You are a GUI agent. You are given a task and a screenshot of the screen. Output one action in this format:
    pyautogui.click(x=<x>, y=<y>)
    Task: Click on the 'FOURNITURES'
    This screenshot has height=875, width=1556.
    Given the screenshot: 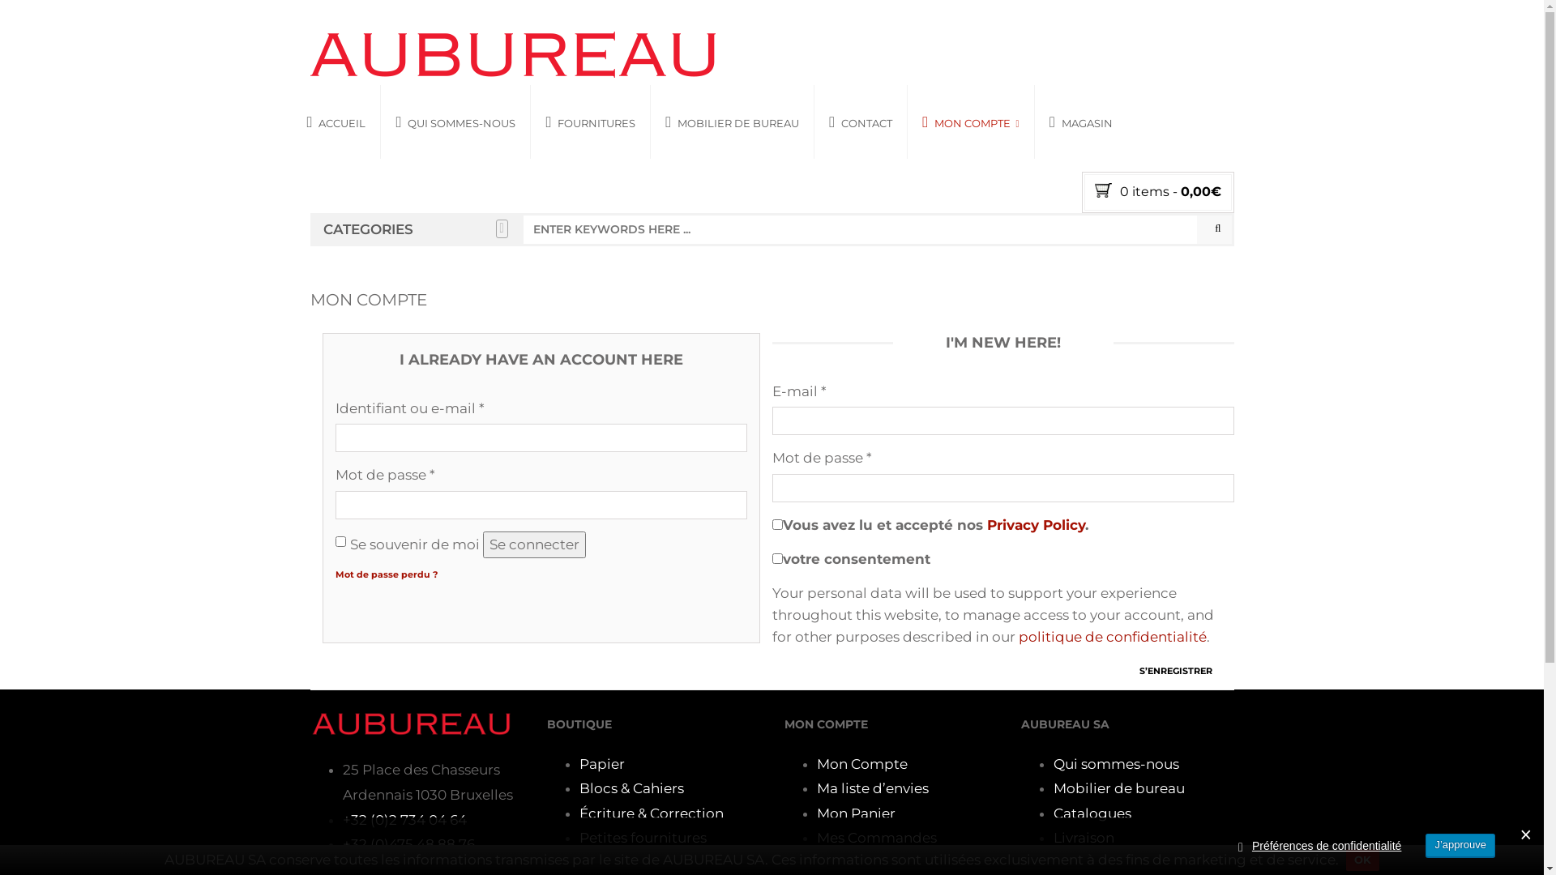 What is the action you would take?
    pyautogui.click(x=589, y=121)
    